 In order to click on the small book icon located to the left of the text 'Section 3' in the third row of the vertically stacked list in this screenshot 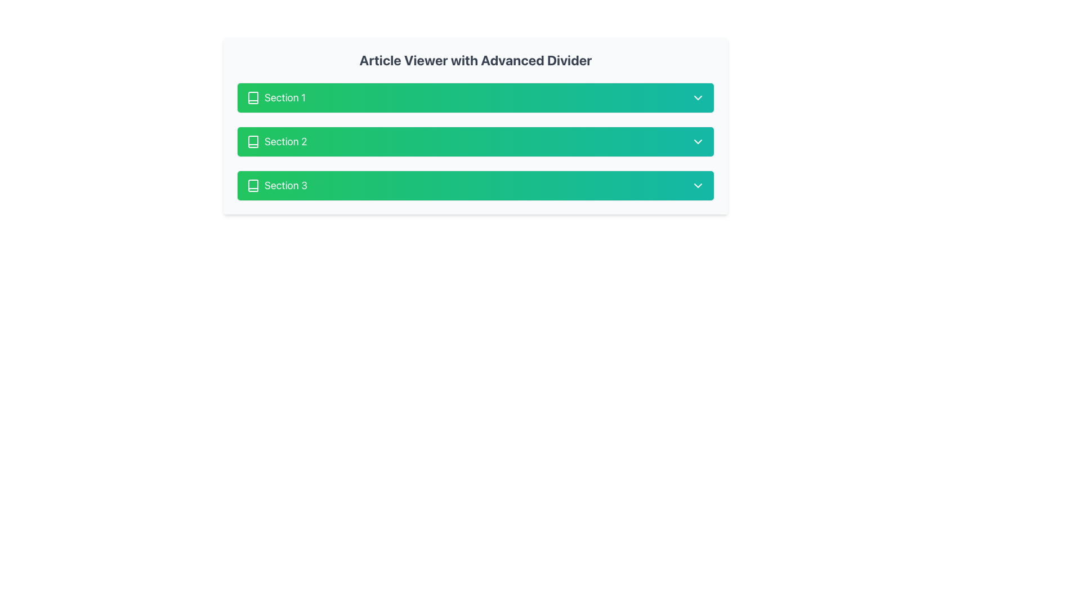, I will do `click(253, 185)`.